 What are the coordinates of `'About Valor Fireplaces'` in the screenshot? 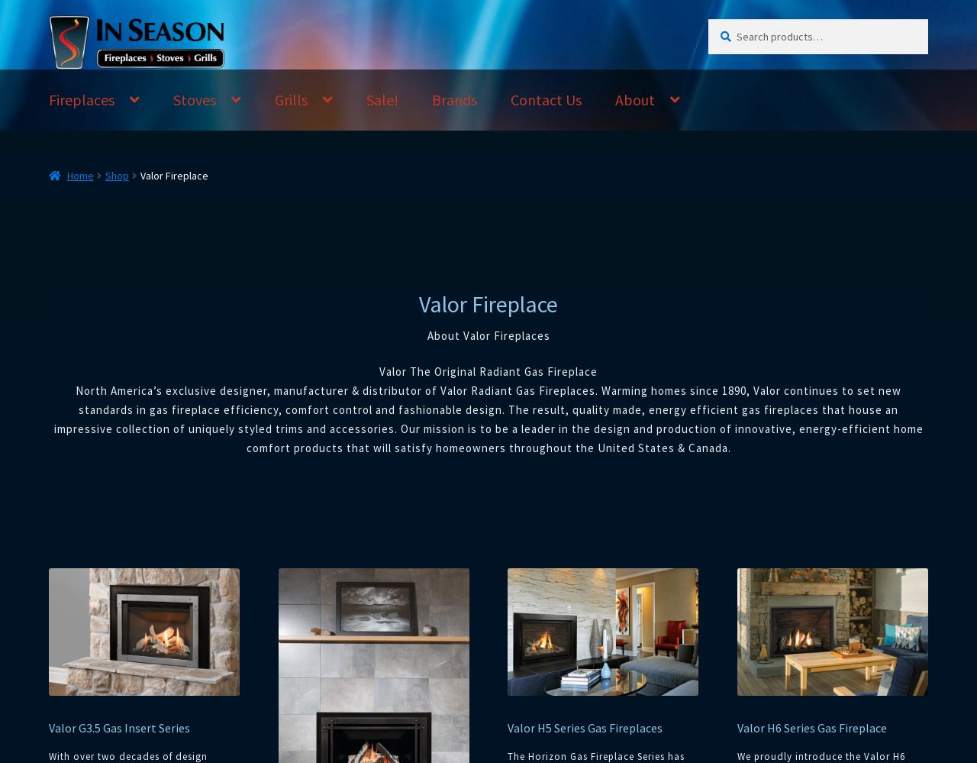 It's located at (487, 335).